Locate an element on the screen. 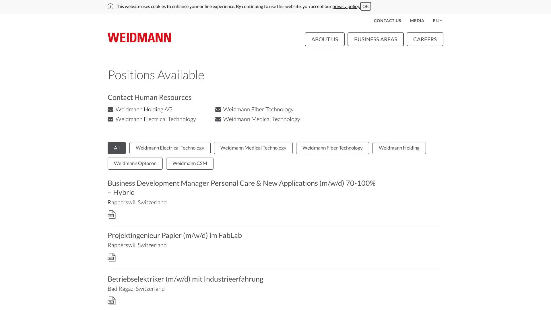 This screenshot has width=551, height=310. Weidmann CSM is located at coordinates (190, 150).